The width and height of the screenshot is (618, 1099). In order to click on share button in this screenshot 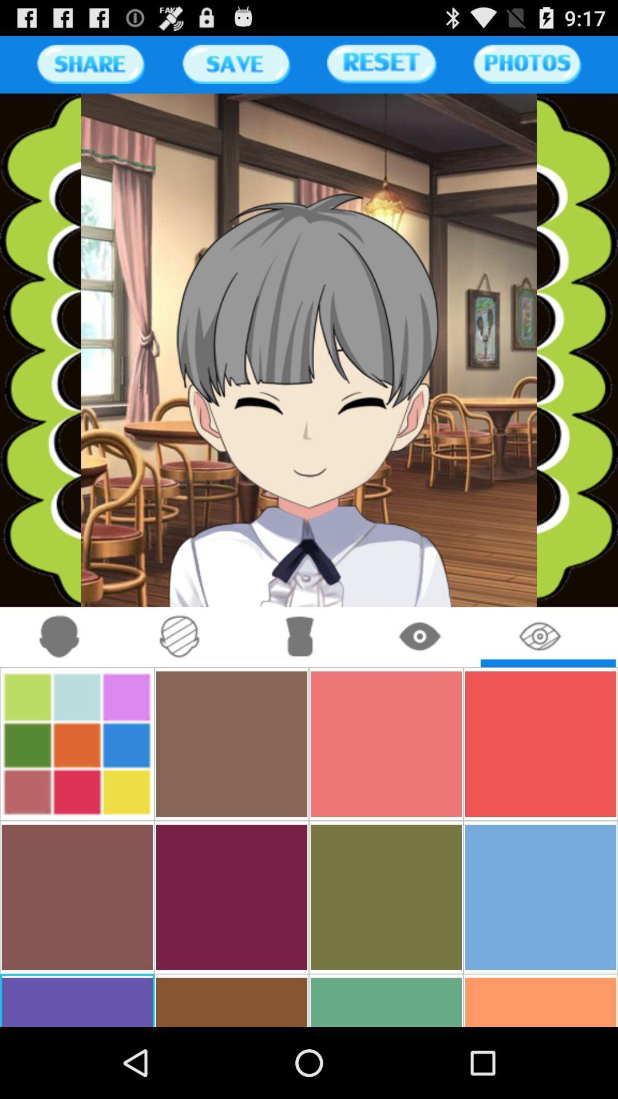, I will do `click(90, 64)`.